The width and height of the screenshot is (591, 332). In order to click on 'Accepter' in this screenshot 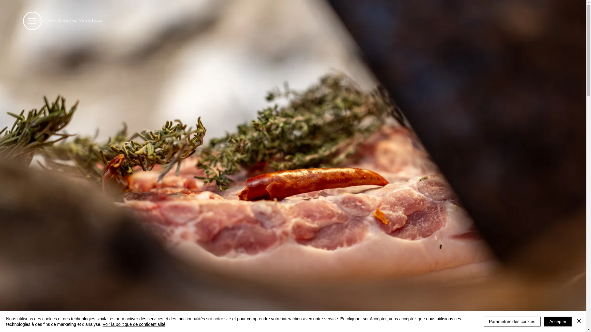, I will do `click(558, 321)`.